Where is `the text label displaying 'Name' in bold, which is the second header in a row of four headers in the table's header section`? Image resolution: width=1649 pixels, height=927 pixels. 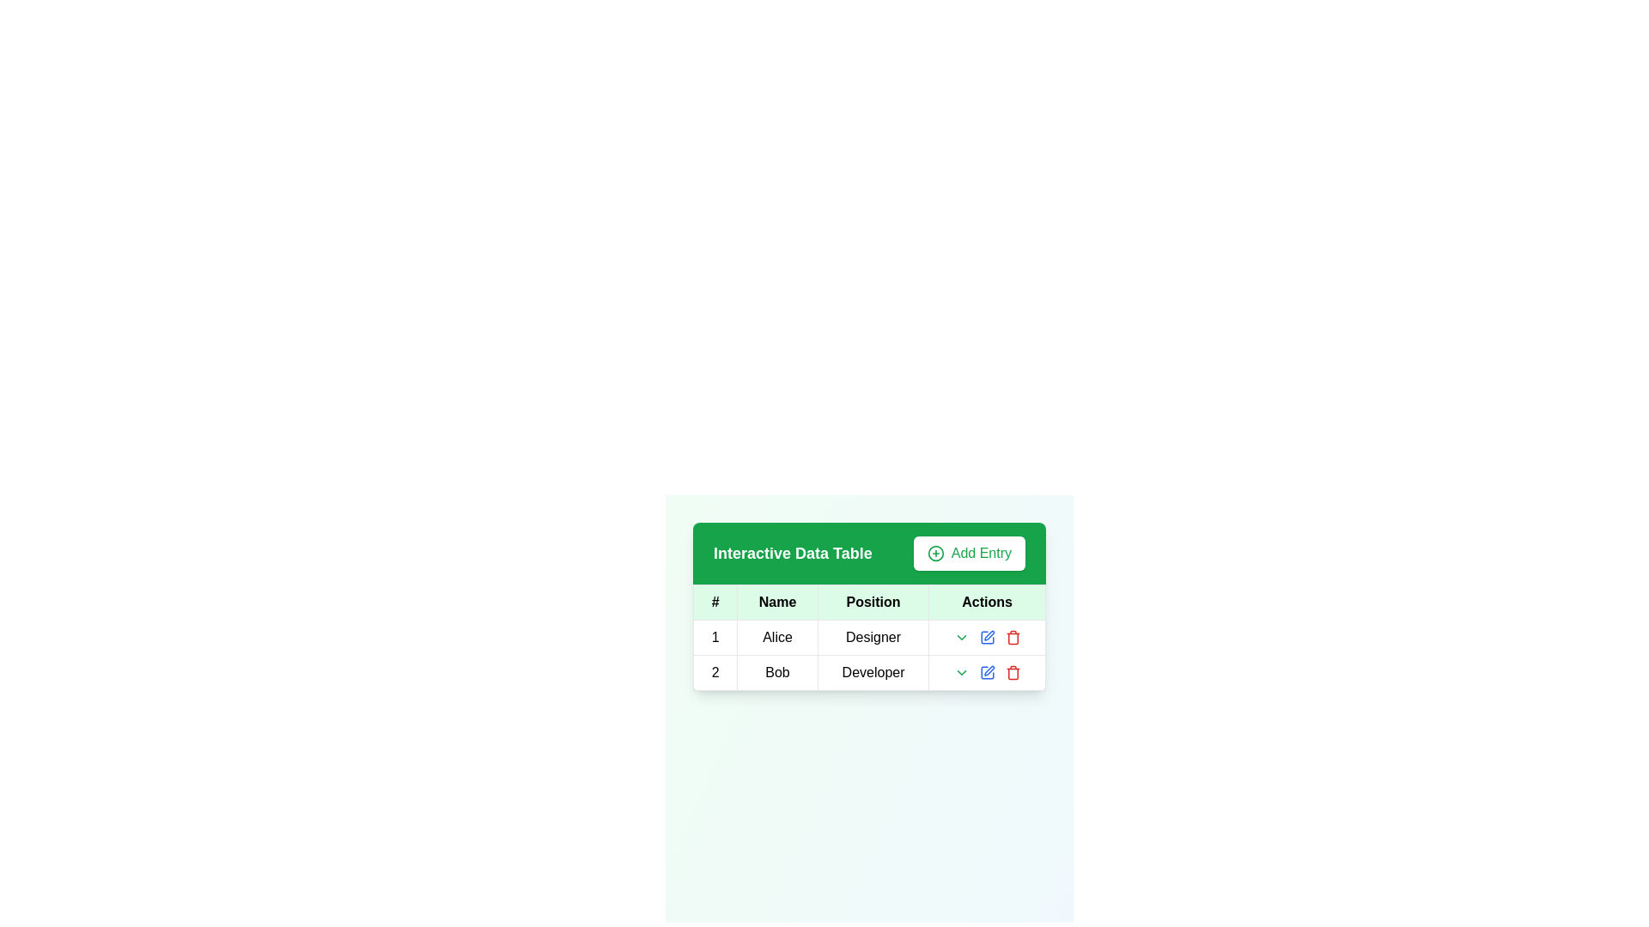
the text label displaying 'Name' in bold, which is the second header in a row of four headers in the table's header section is located at coordinates (776, 602).